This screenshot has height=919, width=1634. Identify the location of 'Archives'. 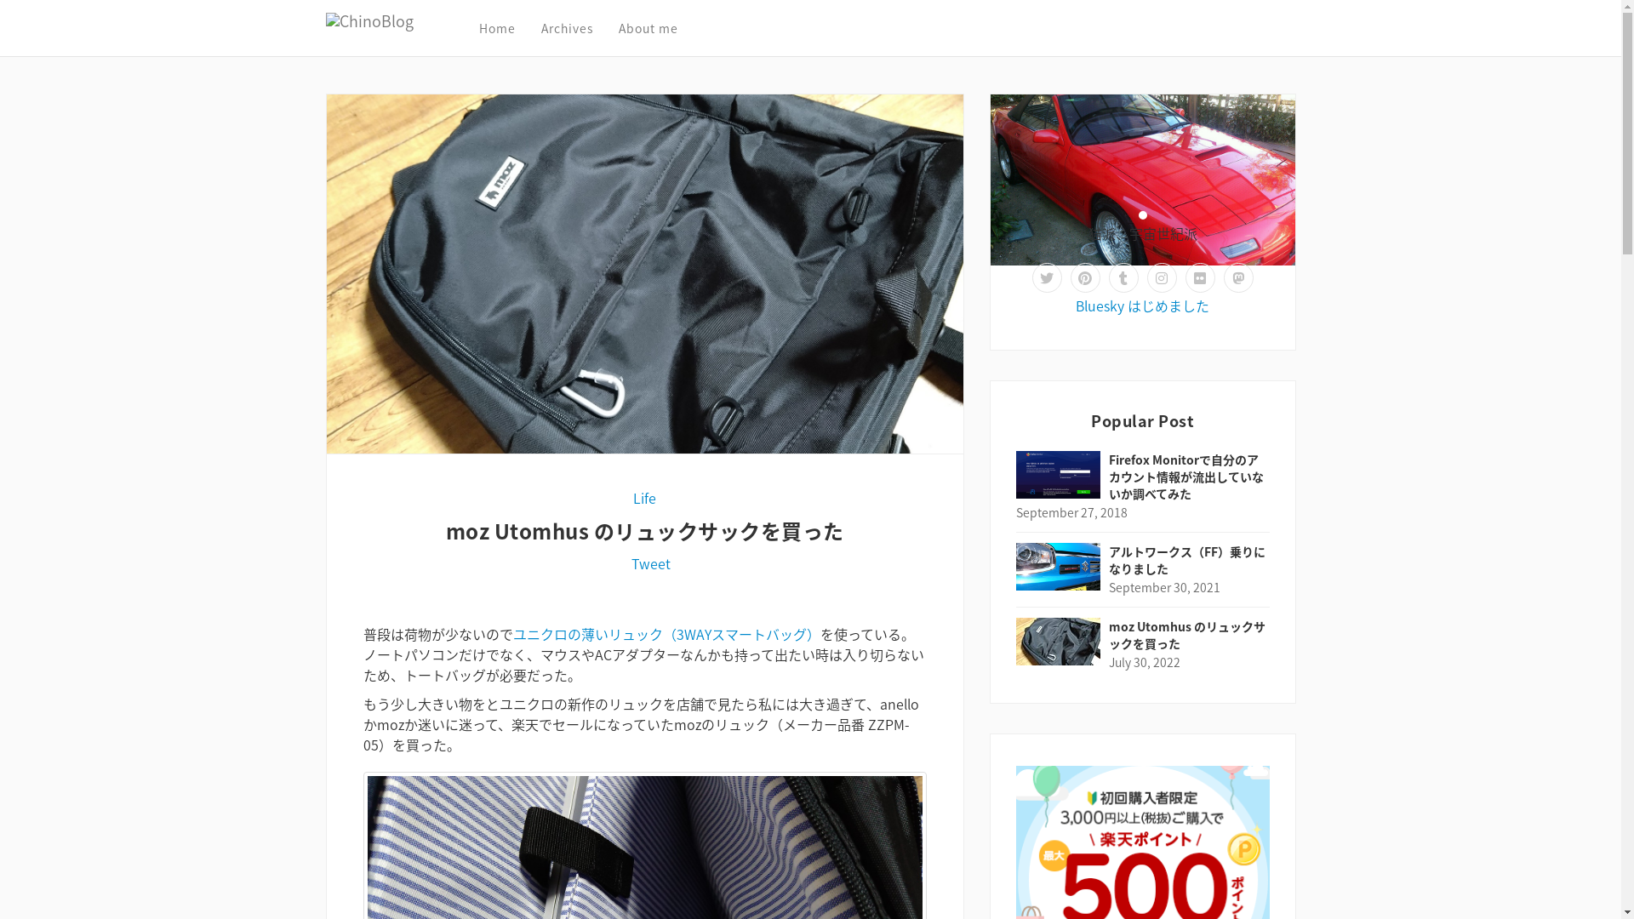
(540, 28).